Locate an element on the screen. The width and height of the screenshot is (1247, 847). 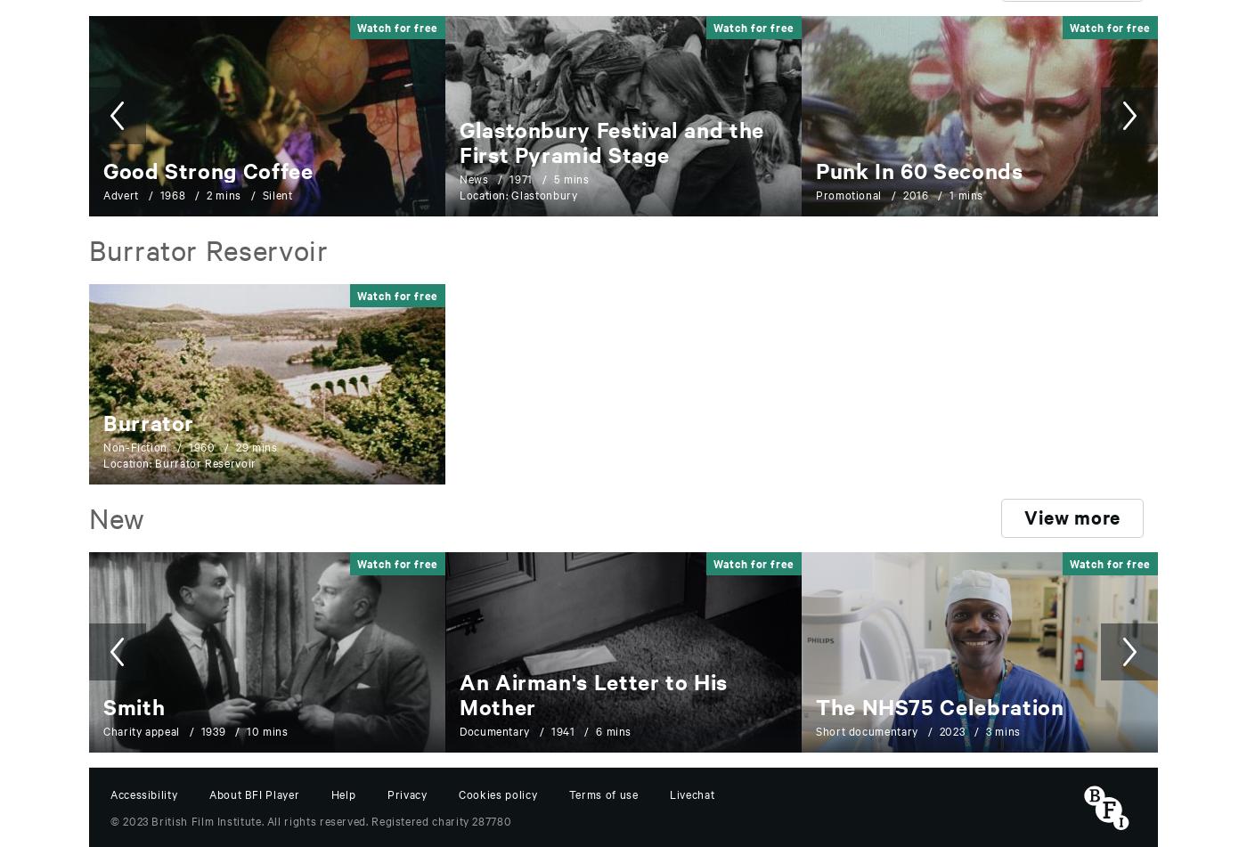
'Terms of use' is located at coordinates (567, 792).